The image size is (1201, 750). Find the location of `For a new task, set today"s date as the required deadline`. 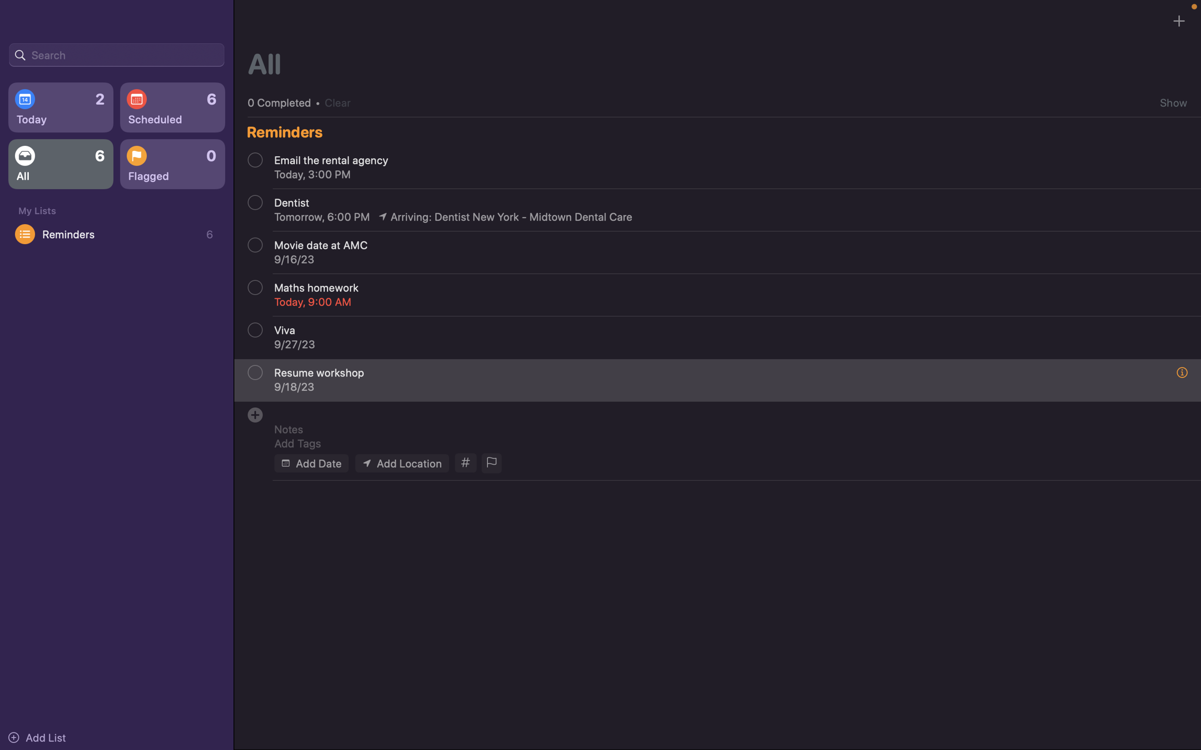

For a new task, set today"s date as the required deadline is located at coordinates (310, 462).